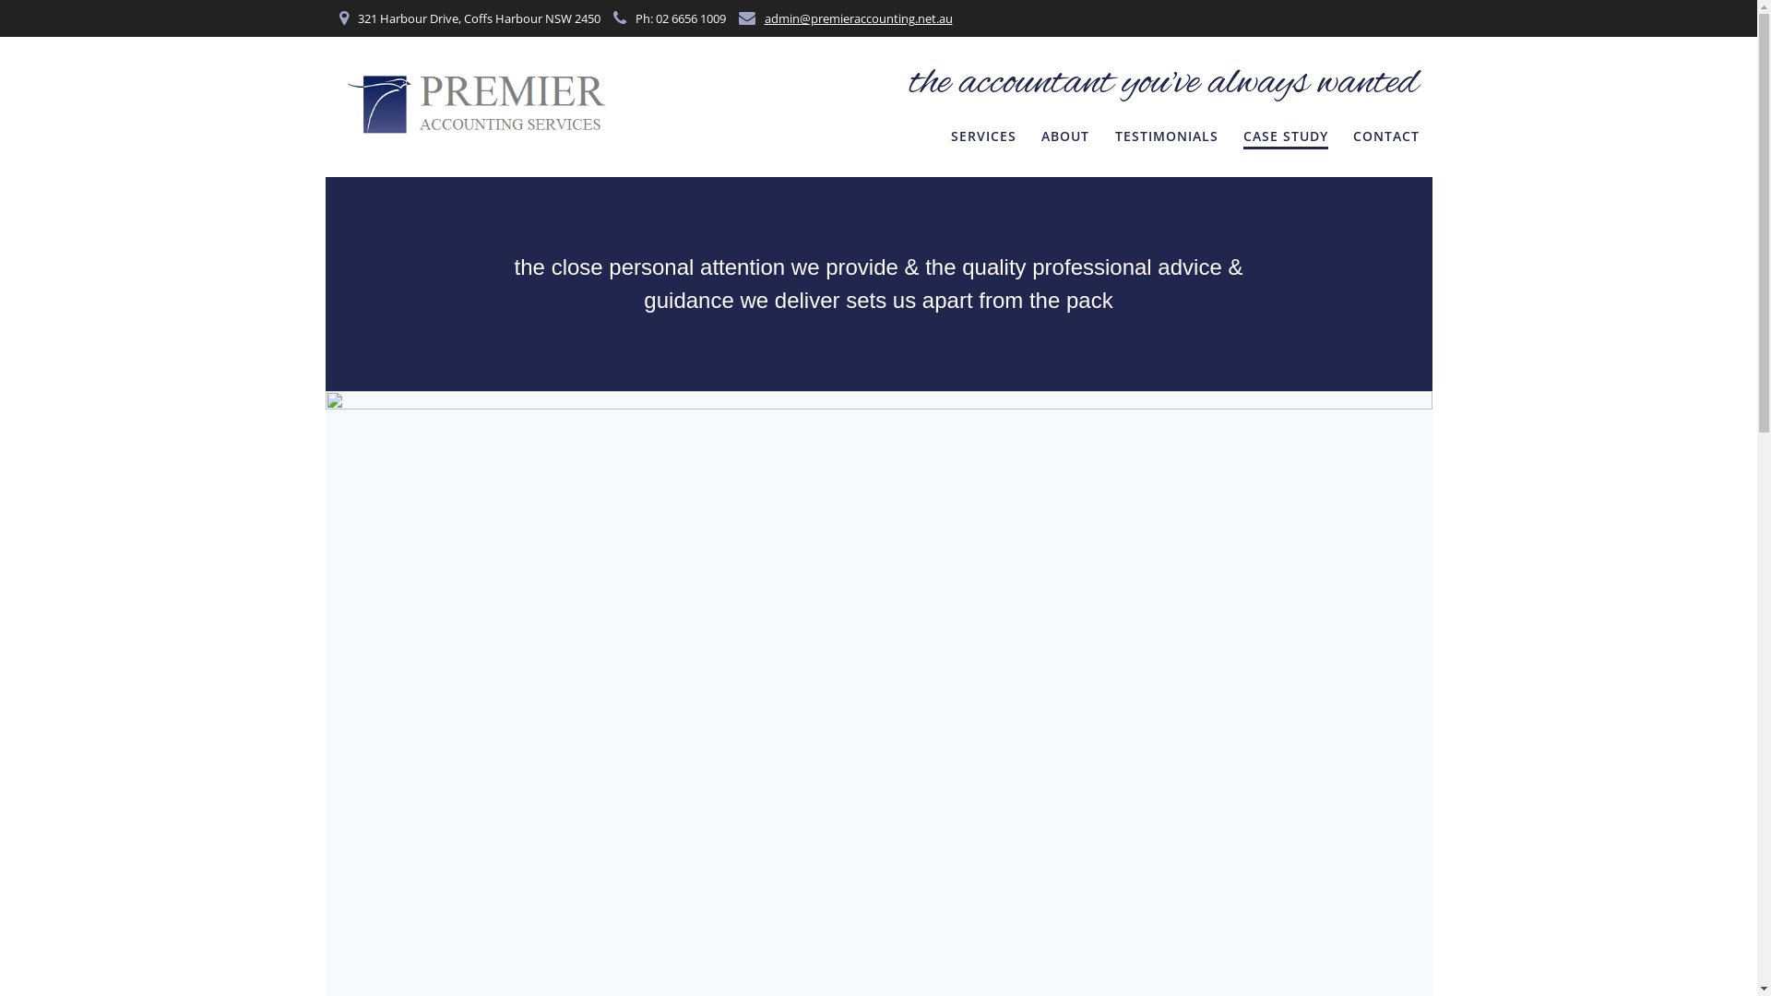  Describe the element at coordinates (982, 136) in the screenshot. I see `'SERVICES'` at that location.